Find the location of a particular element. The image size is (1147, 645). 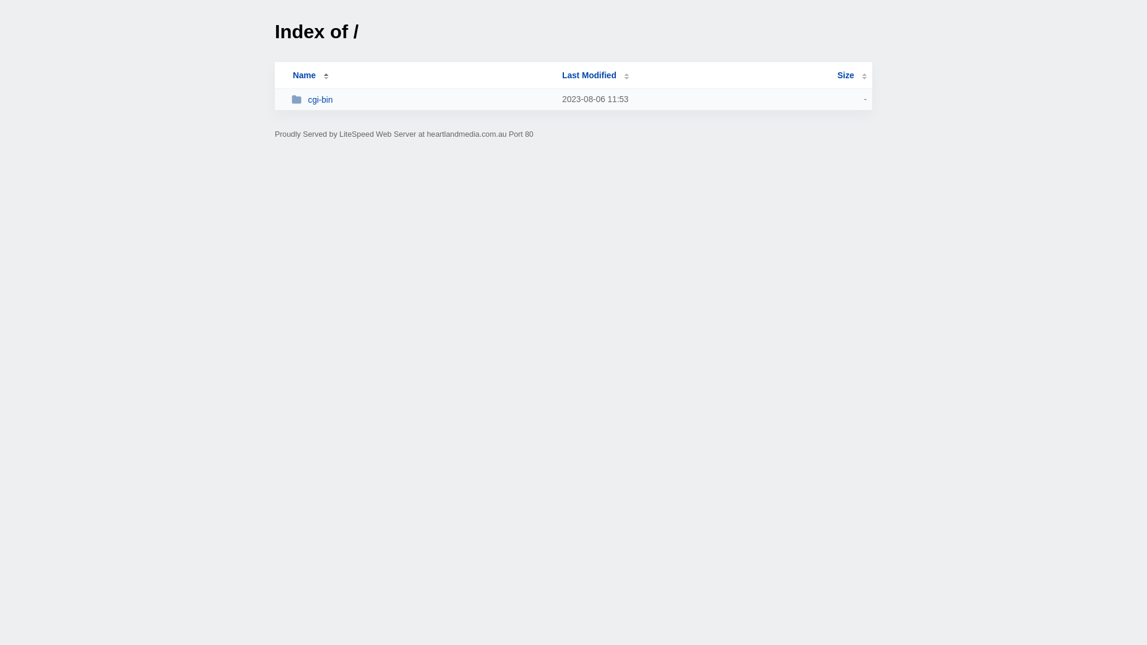

'Name' is located at coordinates (303, 75).